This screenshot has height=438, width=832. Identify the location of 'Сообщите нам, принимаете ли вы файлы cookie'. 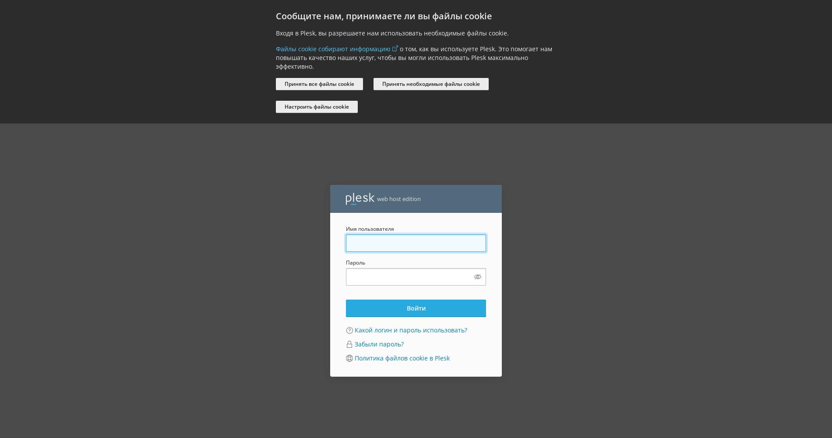
(384, 16).